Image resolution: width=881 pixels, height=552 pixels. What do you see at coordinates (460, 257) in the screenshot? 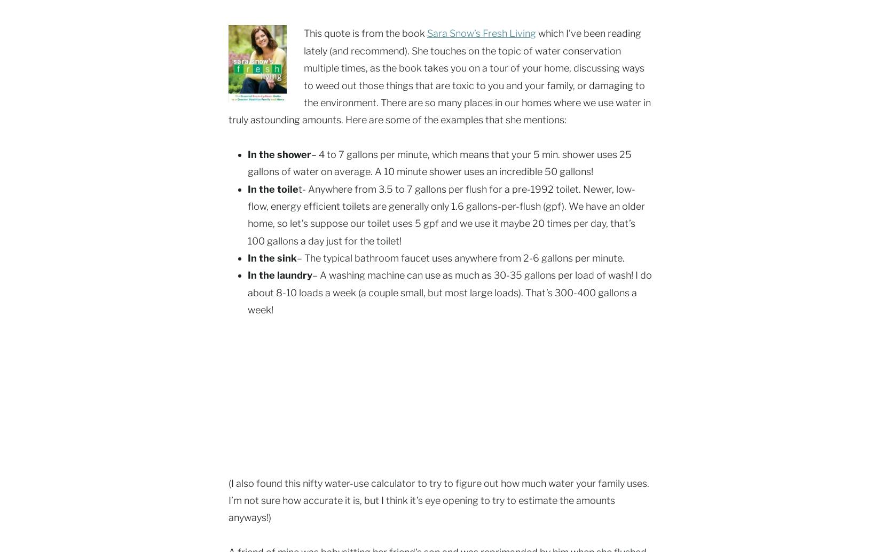
I see `'– The typical bathroom faucet uses anywhere from 2-6 gallons per minute.'` at bounding box center [460, 257].